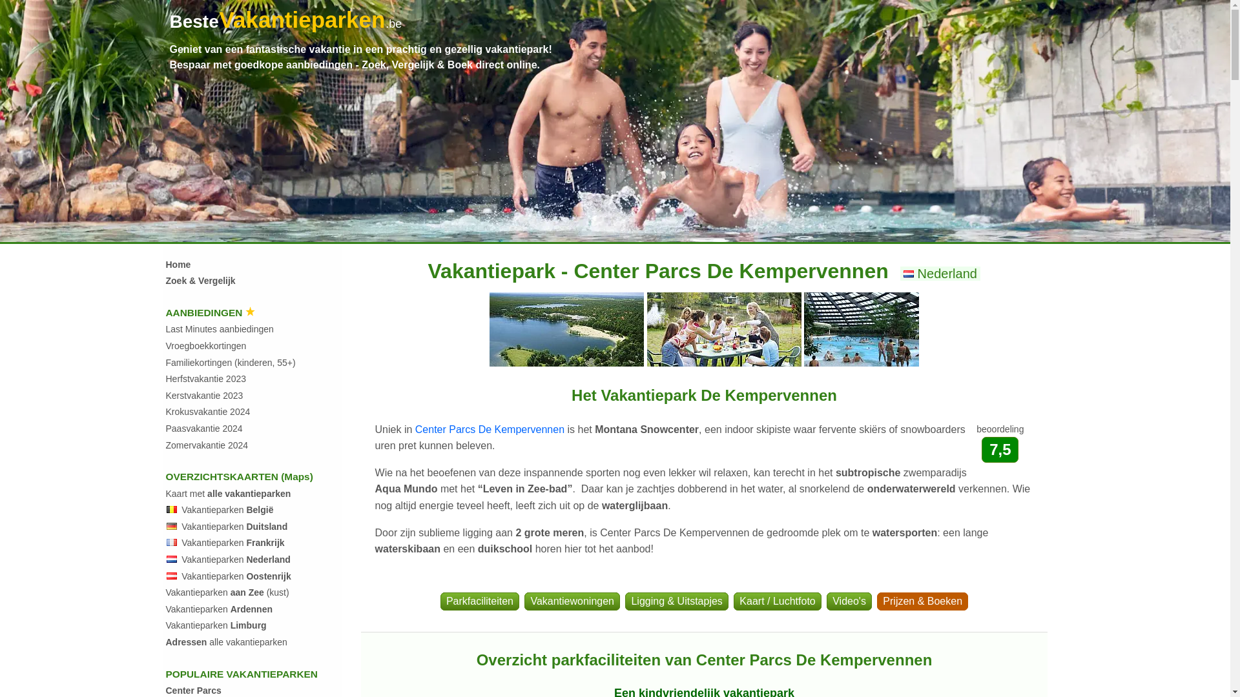  What do you see at coordinates (164, 280) in the screenshot?
I see `'Zoek & Vergelijk'` at bounding box center [164, 280].